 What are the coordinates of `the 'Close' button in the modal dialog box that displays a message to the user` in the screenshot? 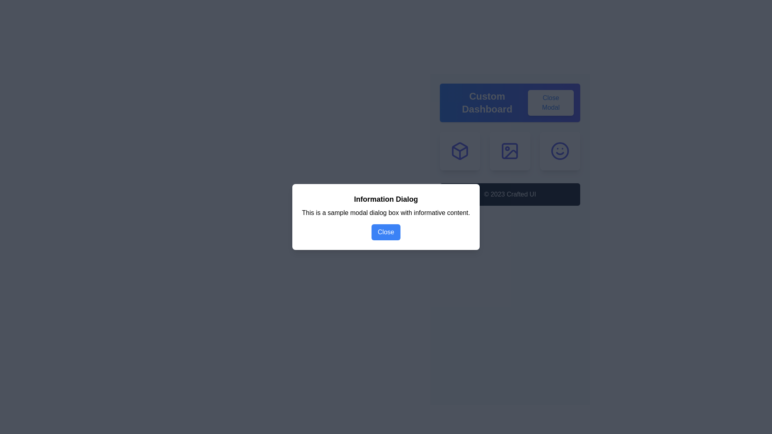 It's located at (386, 217).